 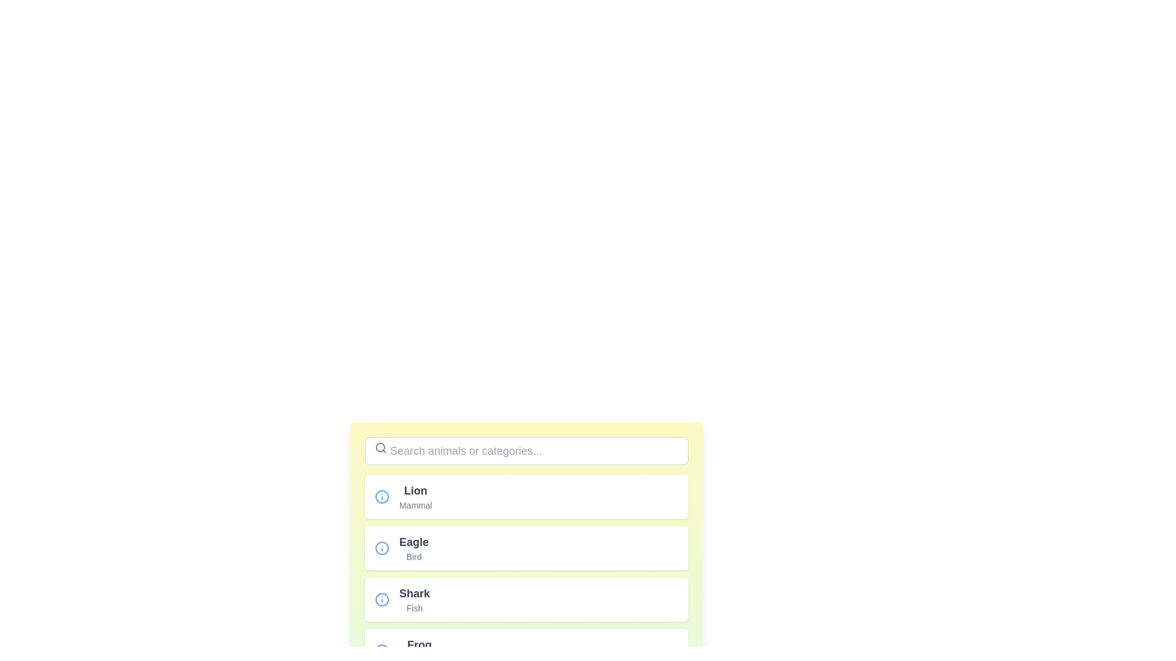 What do you see at coordinates (382, 599) in the screenshot?
I see `the informational icon for the 'Shark Fish' item` at bounding box center [382, 599].